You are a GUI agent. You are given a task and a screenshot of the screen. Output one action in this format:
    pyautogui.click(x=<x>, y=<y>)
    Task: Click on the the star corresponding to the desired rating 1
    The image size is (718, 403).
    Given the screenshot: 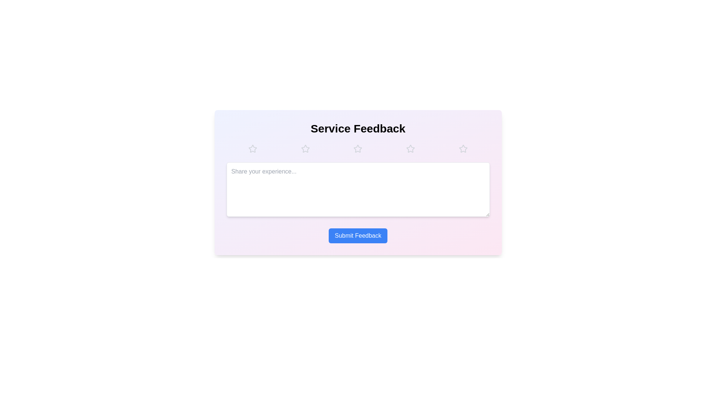 What is the action you would take?
    pyautogui.click(x=252, y=149)
    